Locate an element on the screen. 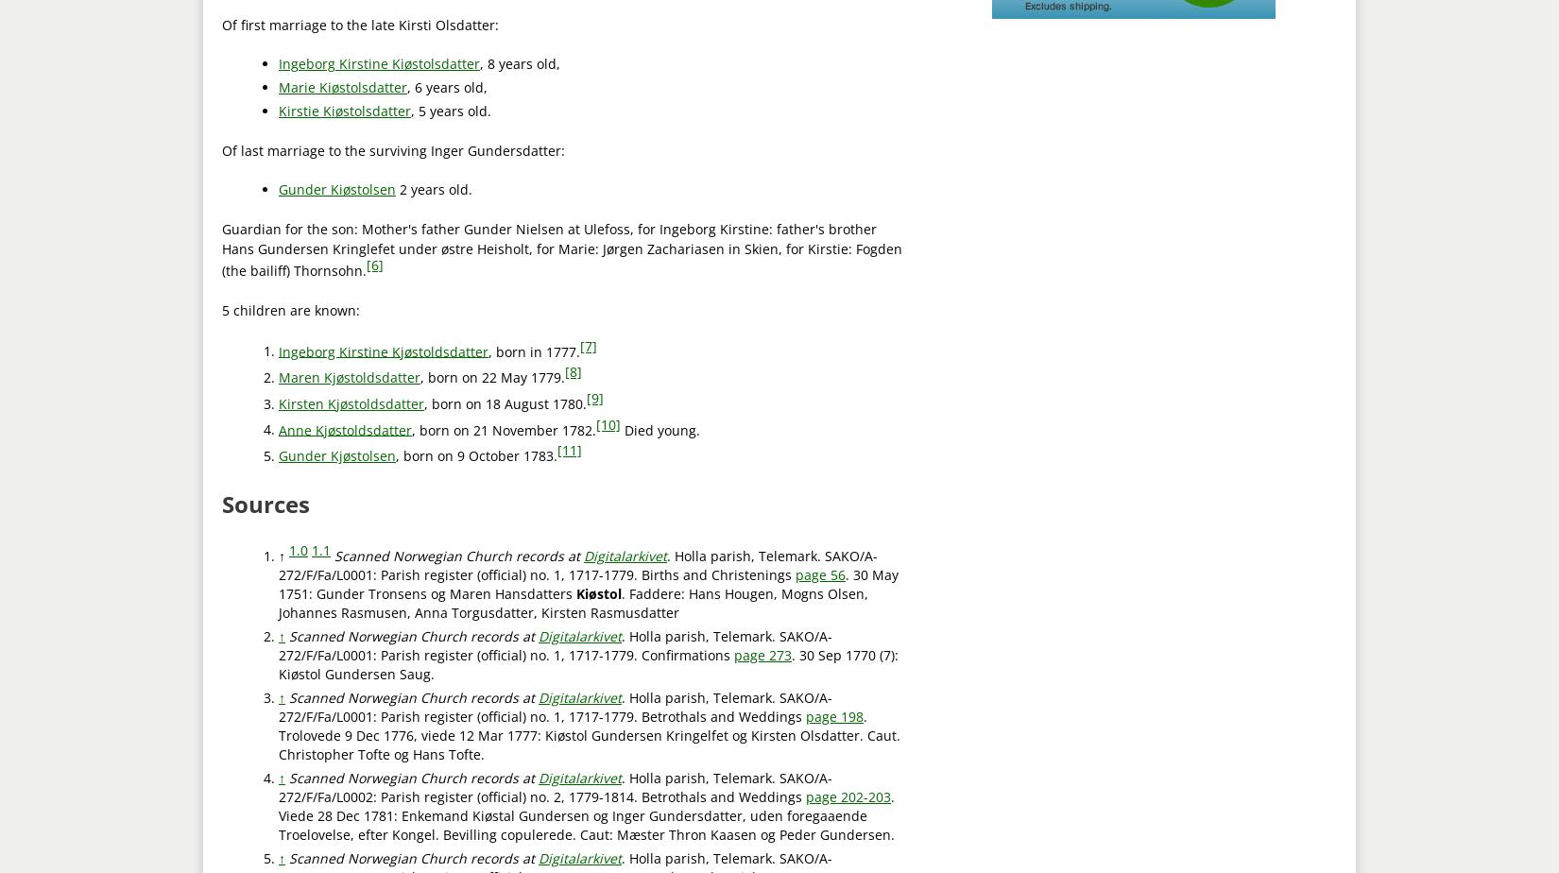 This screenshot has width=1559, height=873. 'Gunder Kjøstolsen' is located at coordinates (337, 455).